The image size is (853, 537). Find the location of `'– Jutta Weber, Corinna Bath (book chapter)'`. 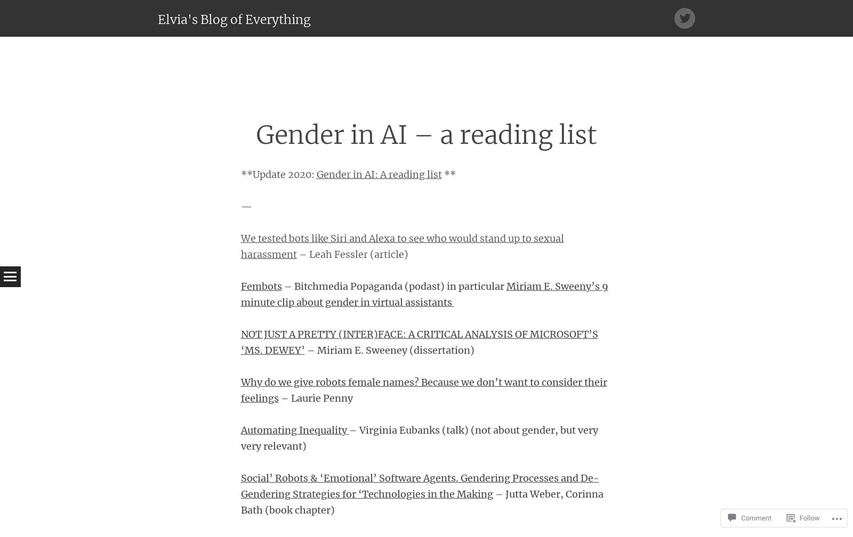

'– Jutta Weber, Corinna Bath (book chapter)' is located at coordinates (422, 502).